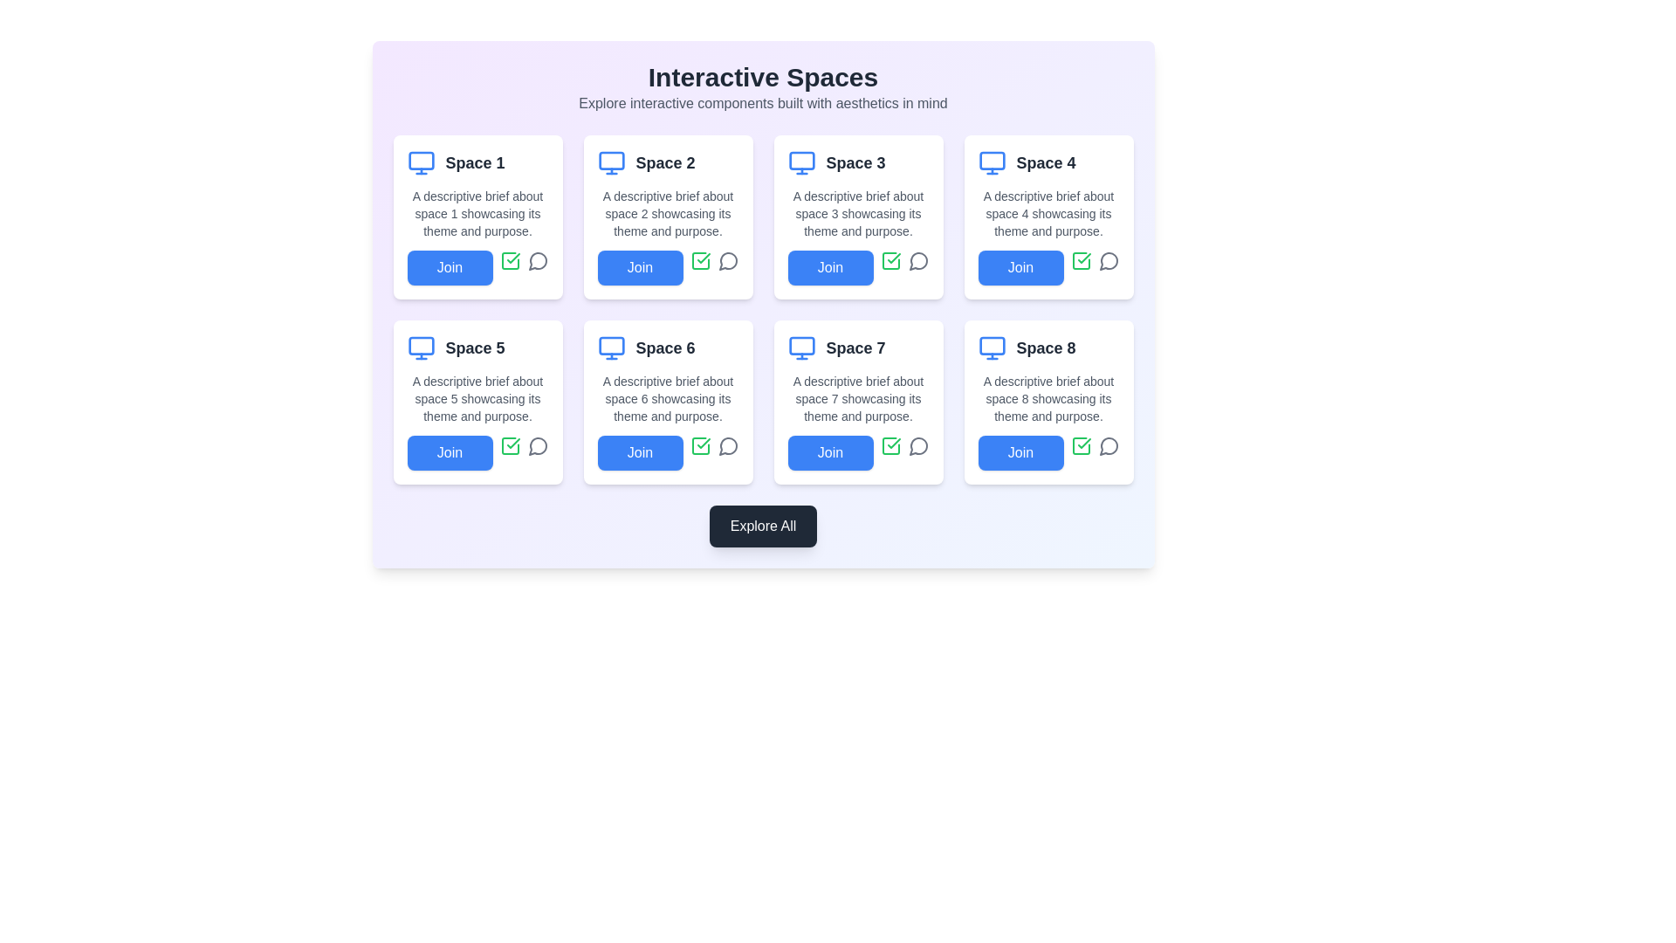  I want to click on the 'Join' button, which is a rectangular button with rounded corners and a blue background, so click(639, 268).